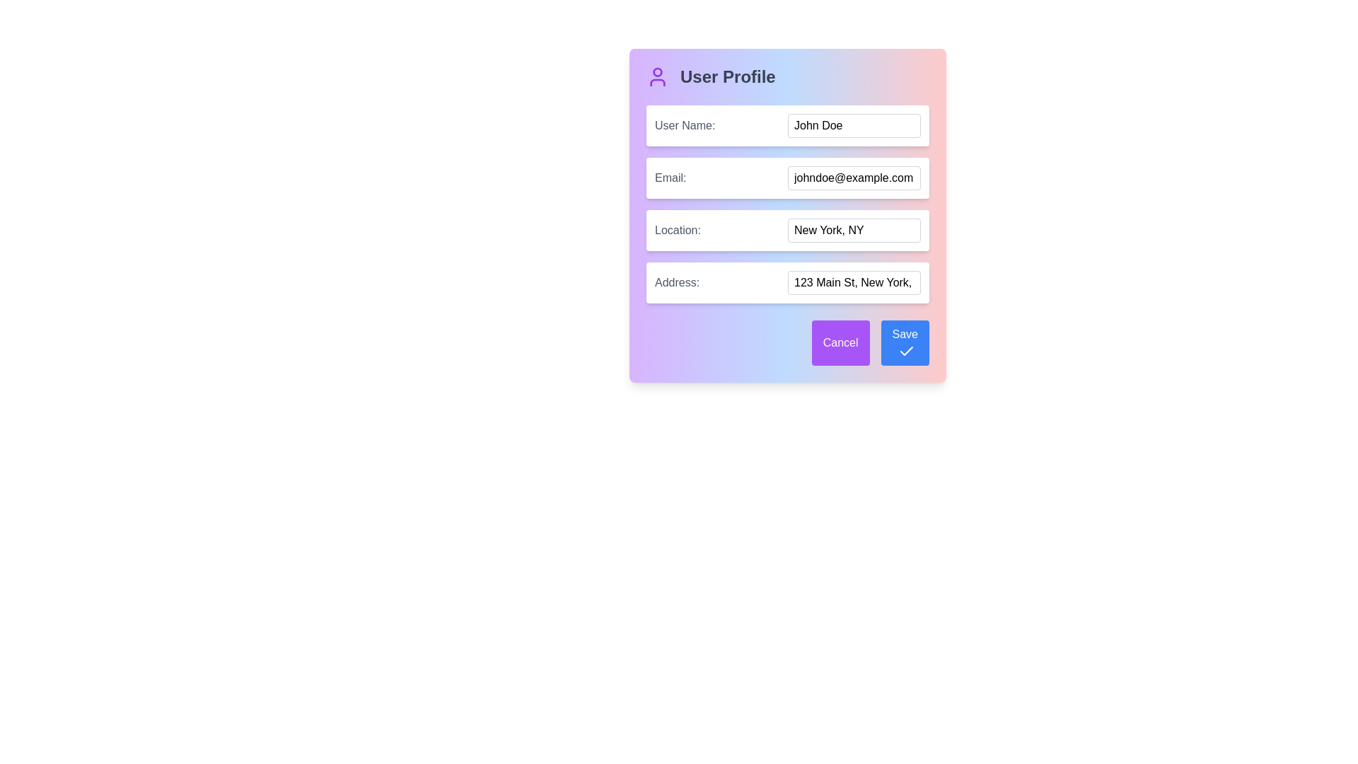 This screenshot has height=764, width=1358. What do you see at coordinates (854, 177) in the screenshot?
I see `the text input field for email, which has a light gray border and contains the text 'johndoe@example.com', to focus and edit` at bounding box center [854, 177].